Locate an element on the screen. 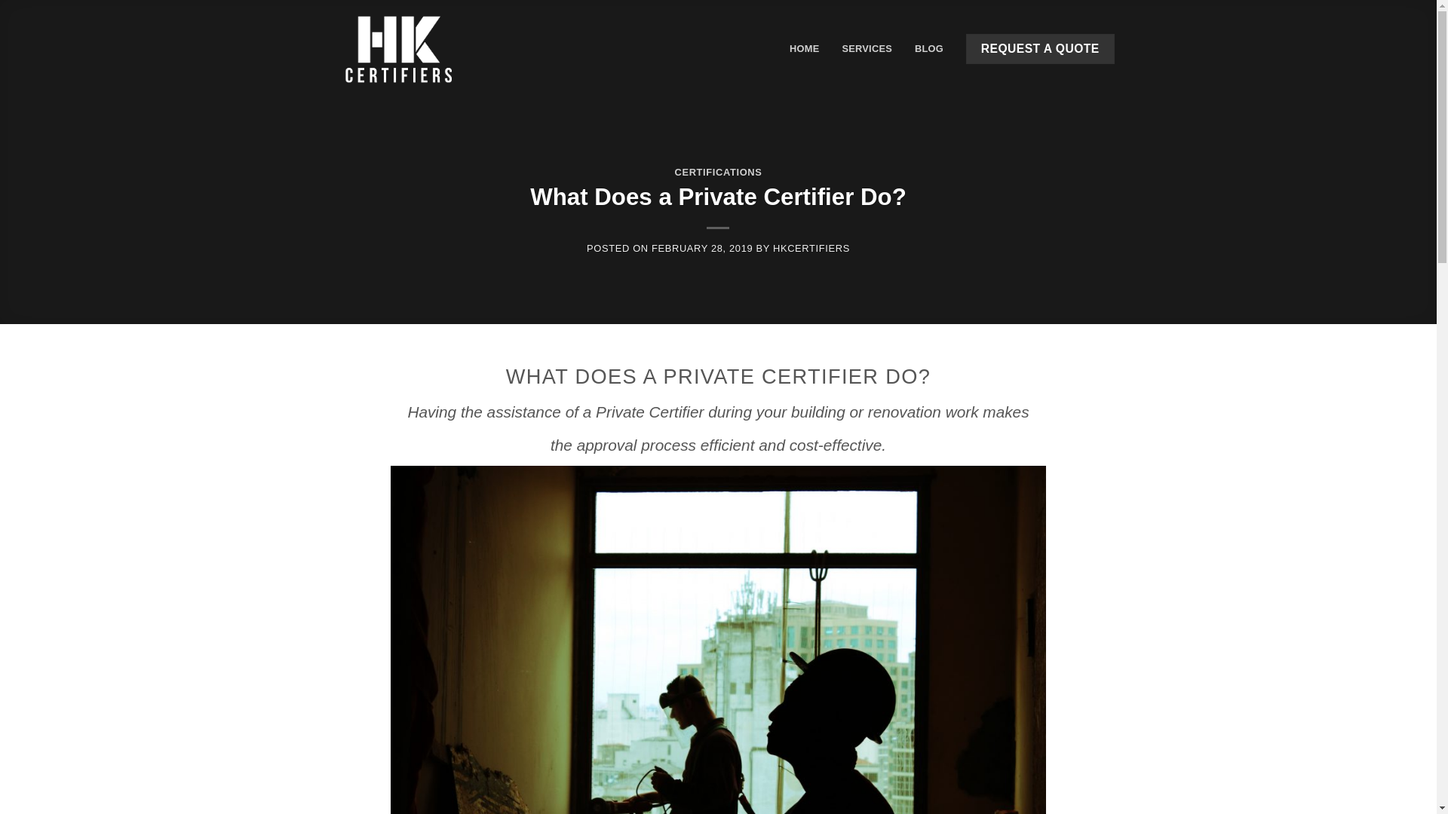 This screenshot has height=814, width=1448. 'REQUEST A QUOTE' is located at coordinates (1038, 48).